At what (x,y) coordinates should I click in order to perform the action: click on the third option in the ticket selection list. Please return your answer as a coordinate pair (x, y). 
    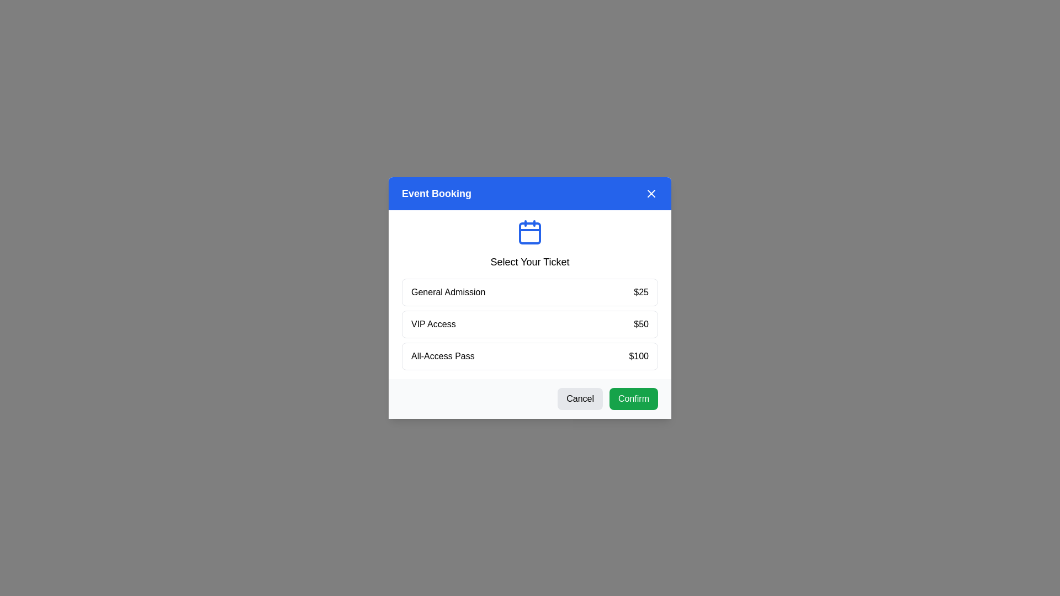
    Looking at the image, I should click on (530, 356).